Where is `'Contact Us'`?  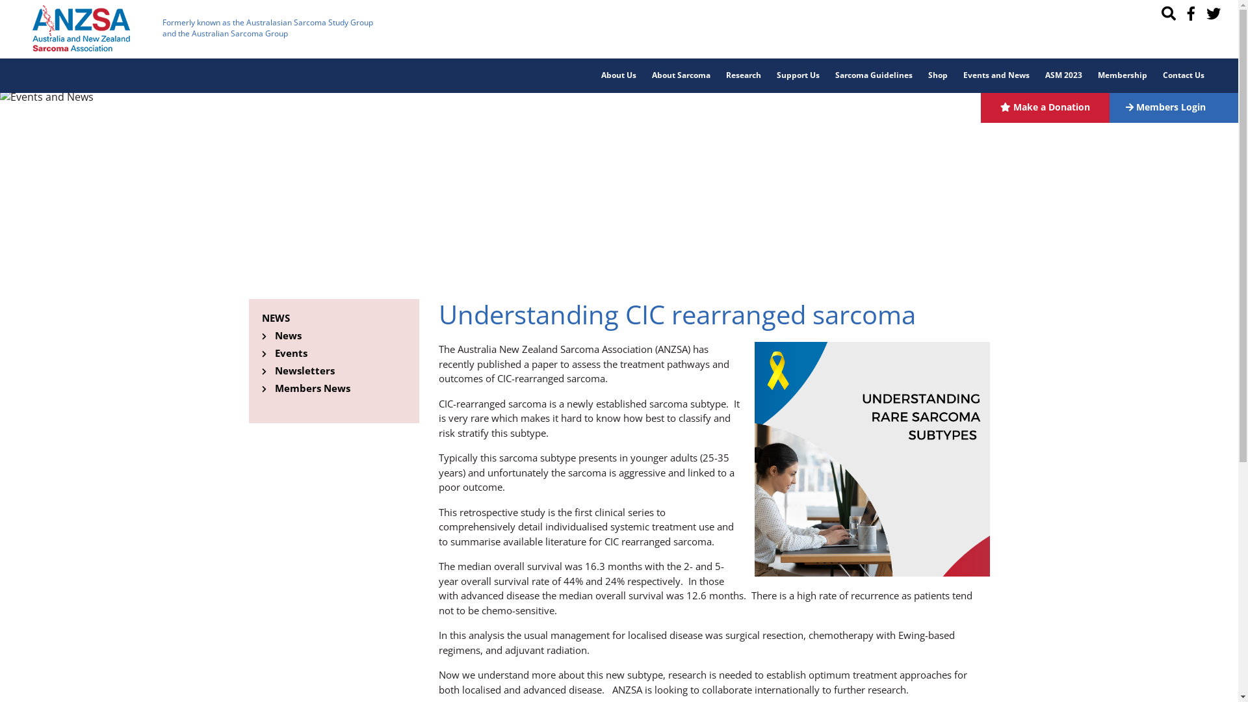
'Contact Us' is located at coordinates (1183, 75).